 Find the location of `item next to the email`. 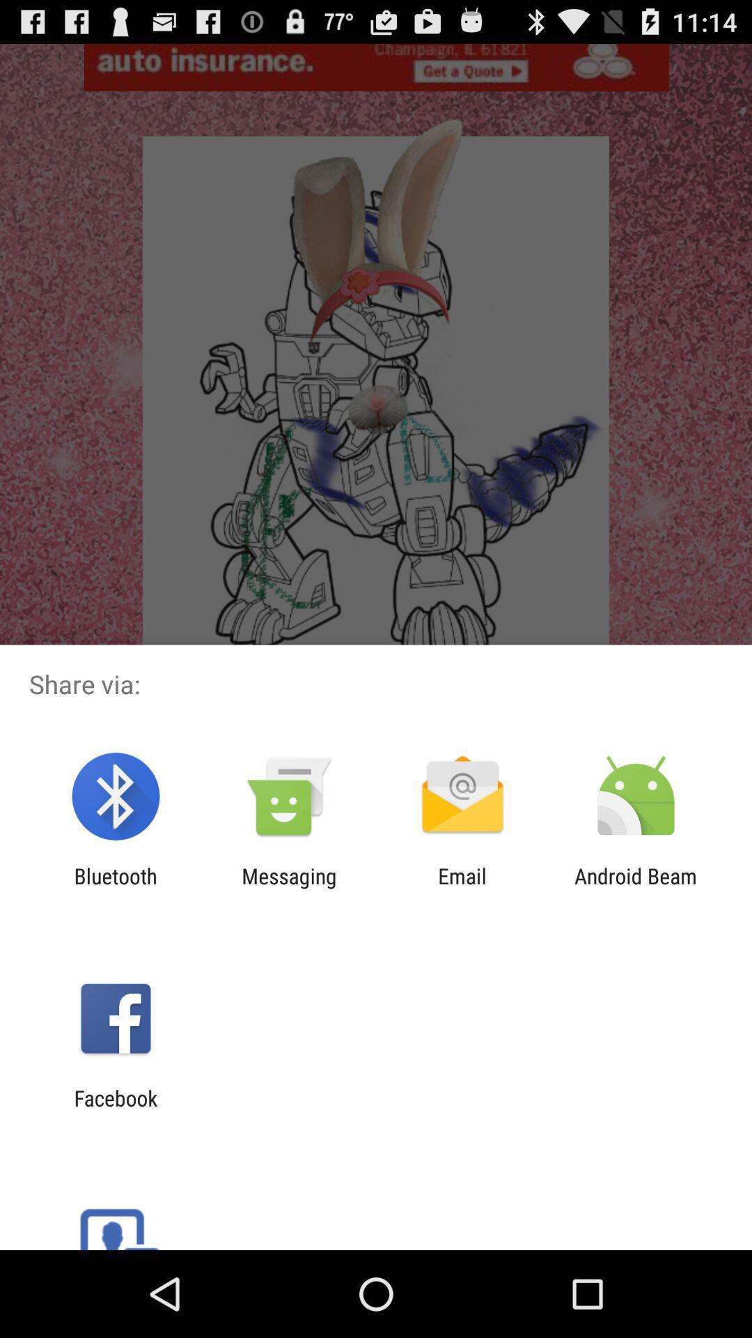

item next to the email is located at coordinates (636, 888).